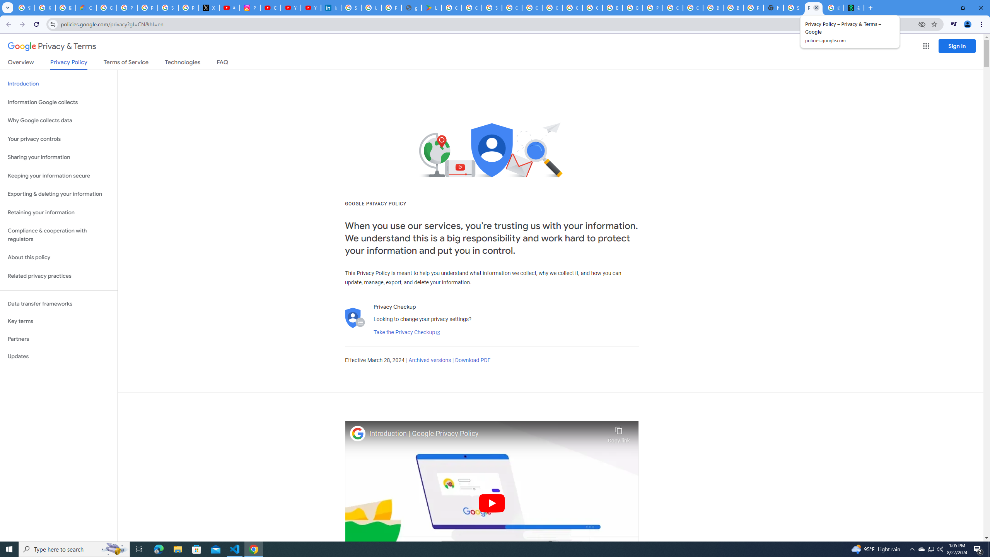 The height and width of the screenshot is (557, 990). What do you see at coordinates (492, 502) in the screenshot?
I see `'Play'` at bounding box center [492, 502].